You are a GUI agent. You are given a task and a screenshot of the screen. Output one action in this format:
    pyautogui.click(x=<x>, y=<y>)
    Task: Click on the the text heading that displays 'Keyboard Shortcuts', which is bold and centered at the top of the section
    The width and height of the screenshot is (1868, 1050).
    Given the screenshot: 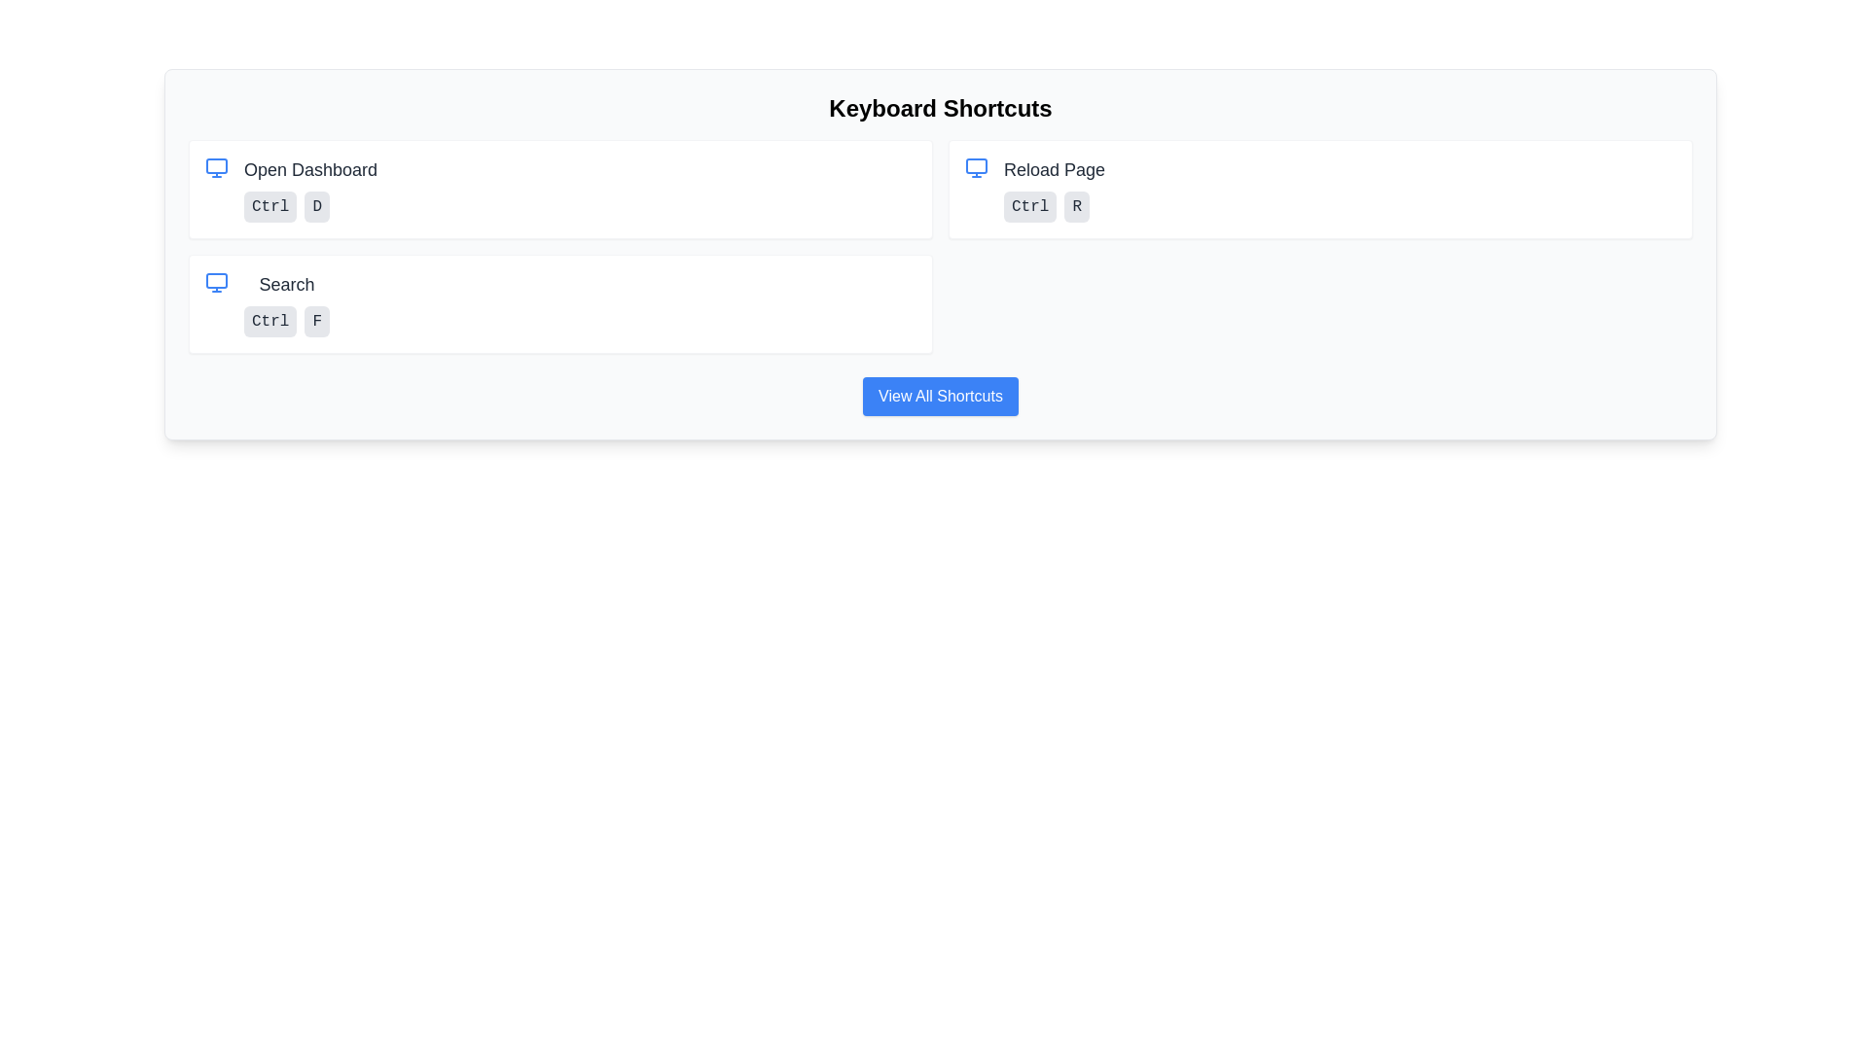 What is the action you would take?
    pyautogui.click(x=940, y=108)
    